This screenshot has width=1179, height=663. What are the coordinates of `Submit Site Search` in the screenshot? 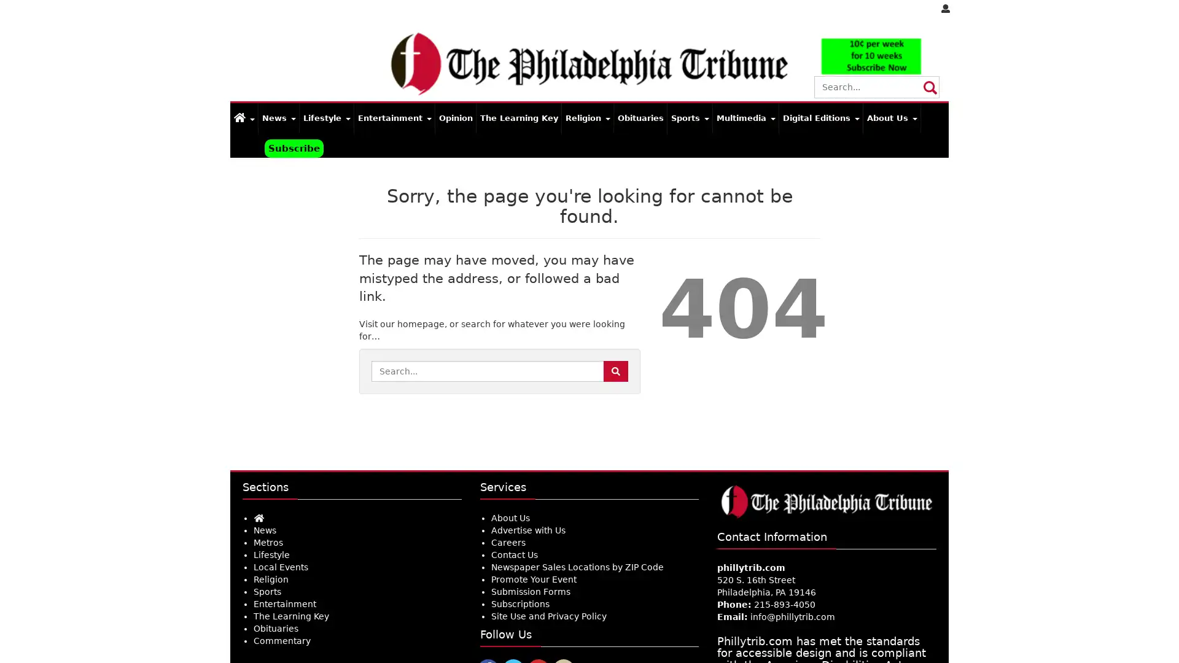 It's located at (929, 86).